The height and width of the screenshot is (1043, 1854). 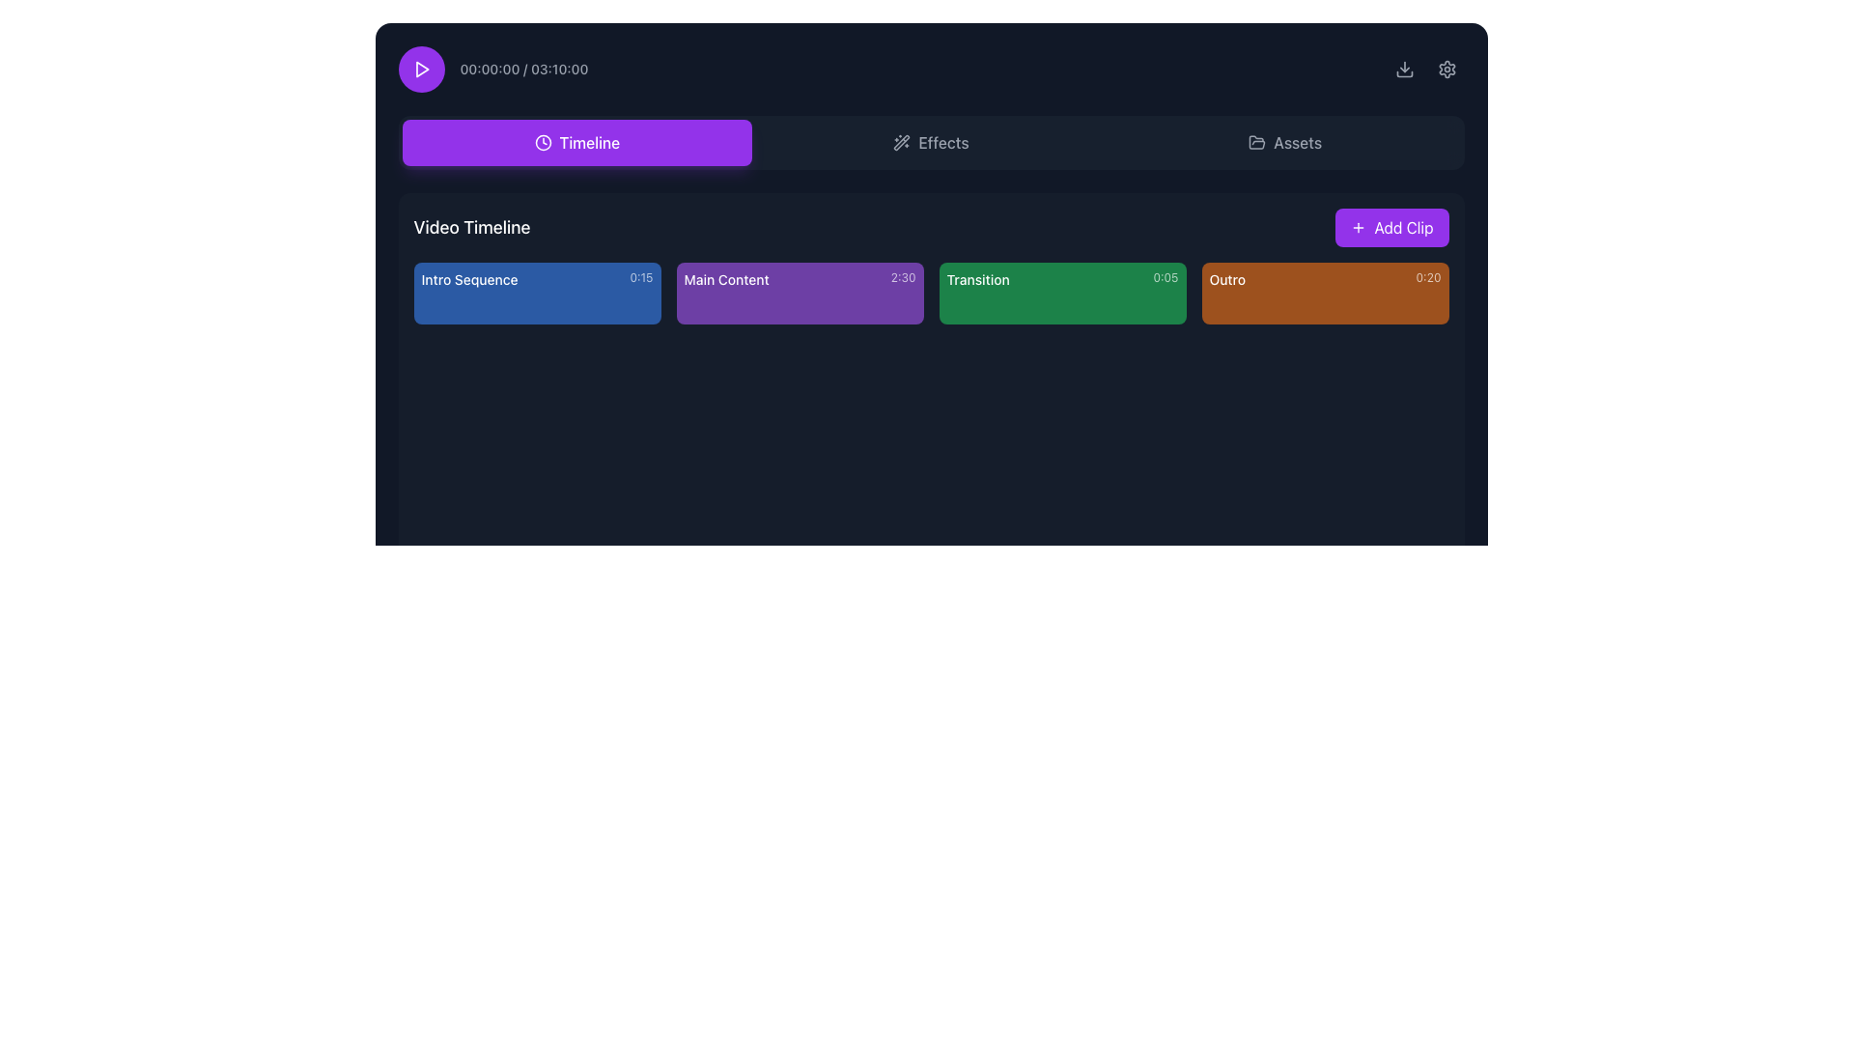 What do you see at coordinates (492, 69) in the screenshot?
I see `the Text element that displays the current playback time and total duration of a media file, located immediately to the right of a large circular purple play button in the top-left corner of the interface` at bounding box center [492, 69].